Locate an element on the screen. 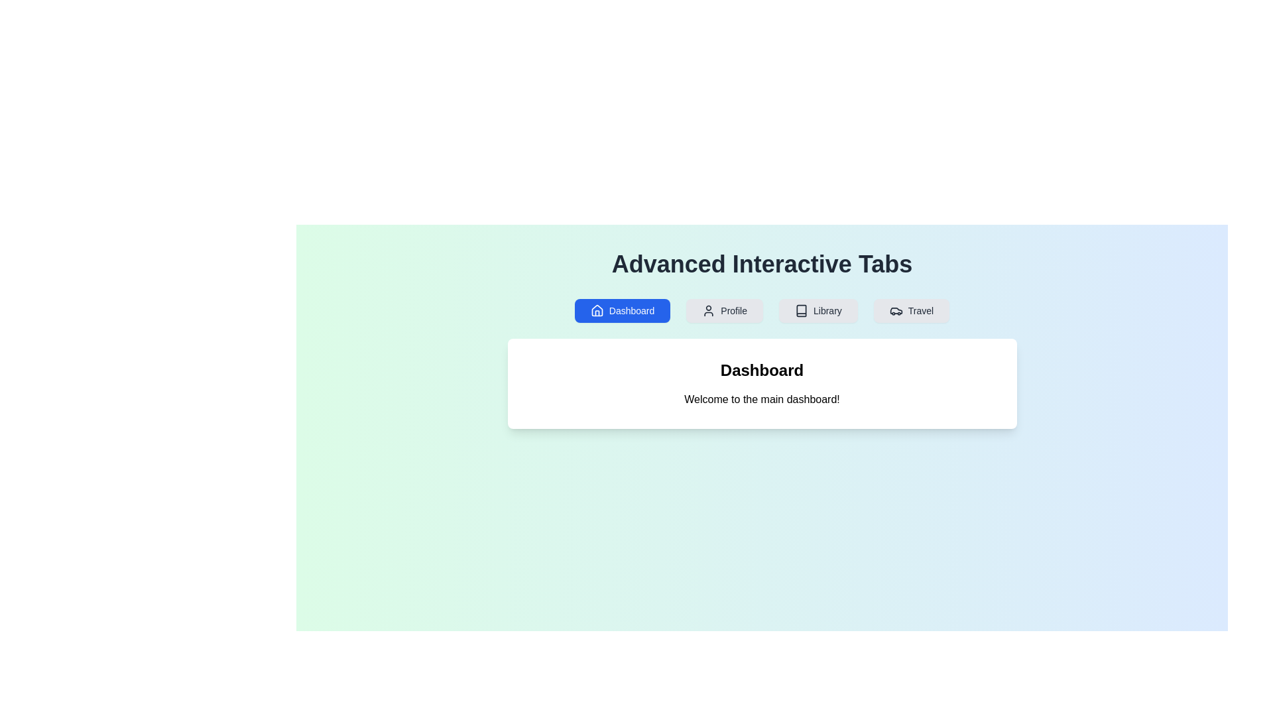  the outlined car icon representing the 'Travel' tab, which is the first graphical component in the rightmost navigation tab is located at coordinates (896, 311).